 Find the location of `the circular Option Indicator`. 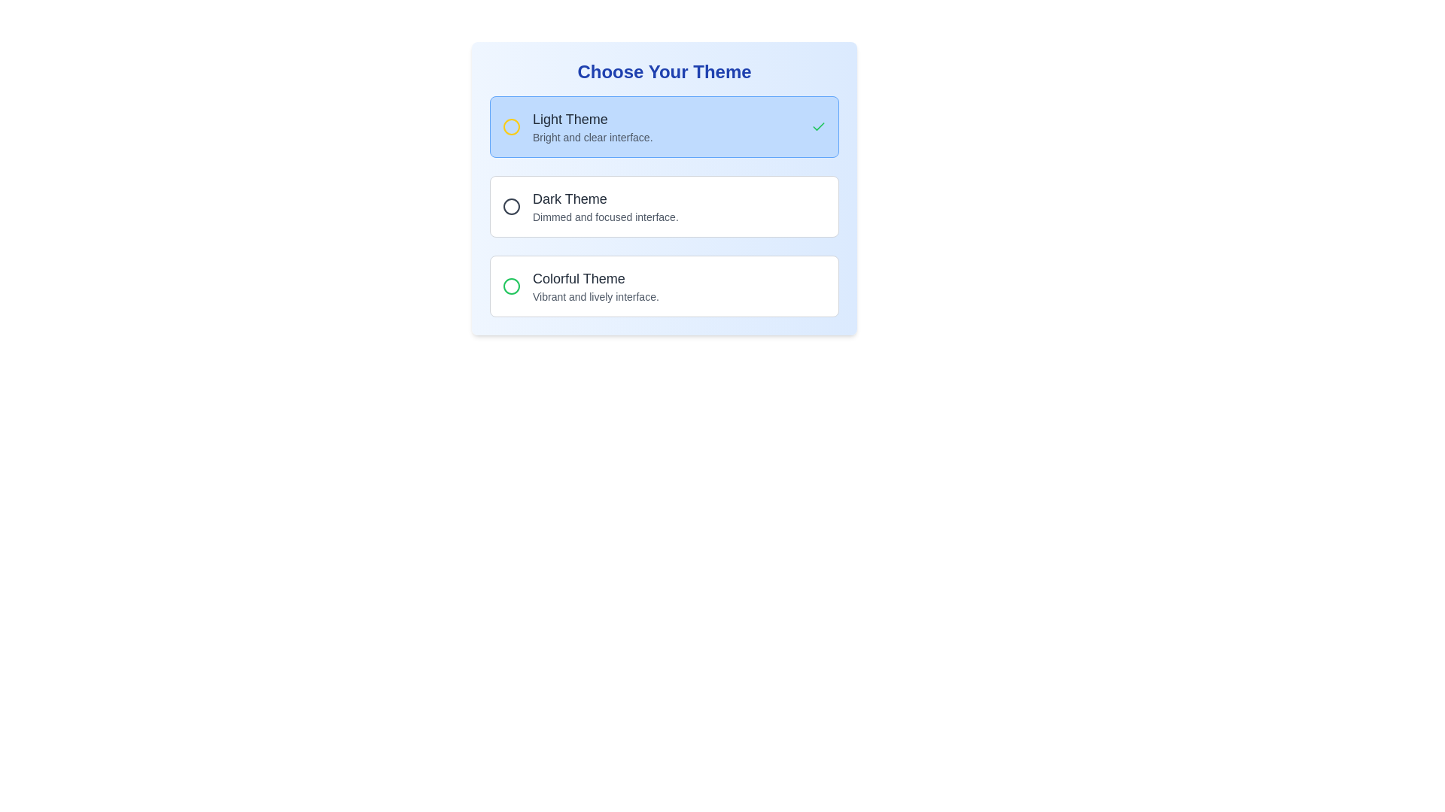

the circular Option Indicator is located at coordinates (512, 206).